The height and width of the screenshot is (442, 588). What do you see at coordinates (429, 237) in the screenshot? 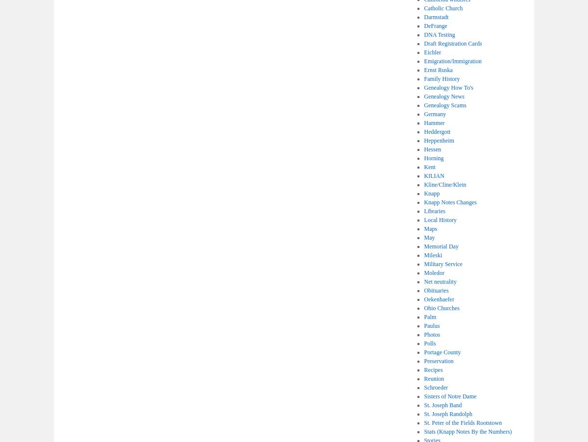
I see `'May'` at bounding box center [429, 237].